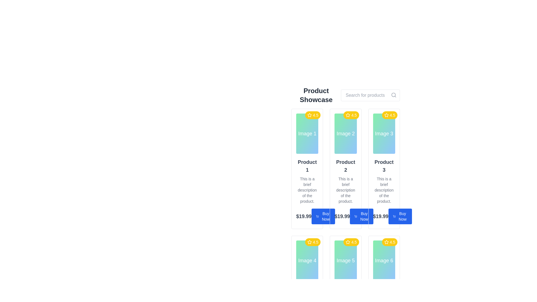  What do you see at coordinates (342, 216) in the screenshot?
I see `the prominent price label displaying '$19.99', which is styled in a bold, large font and is dark gray on a light background, located in the second product card from the left above the 'Buy Now' button` at bounding box center [342, 216].